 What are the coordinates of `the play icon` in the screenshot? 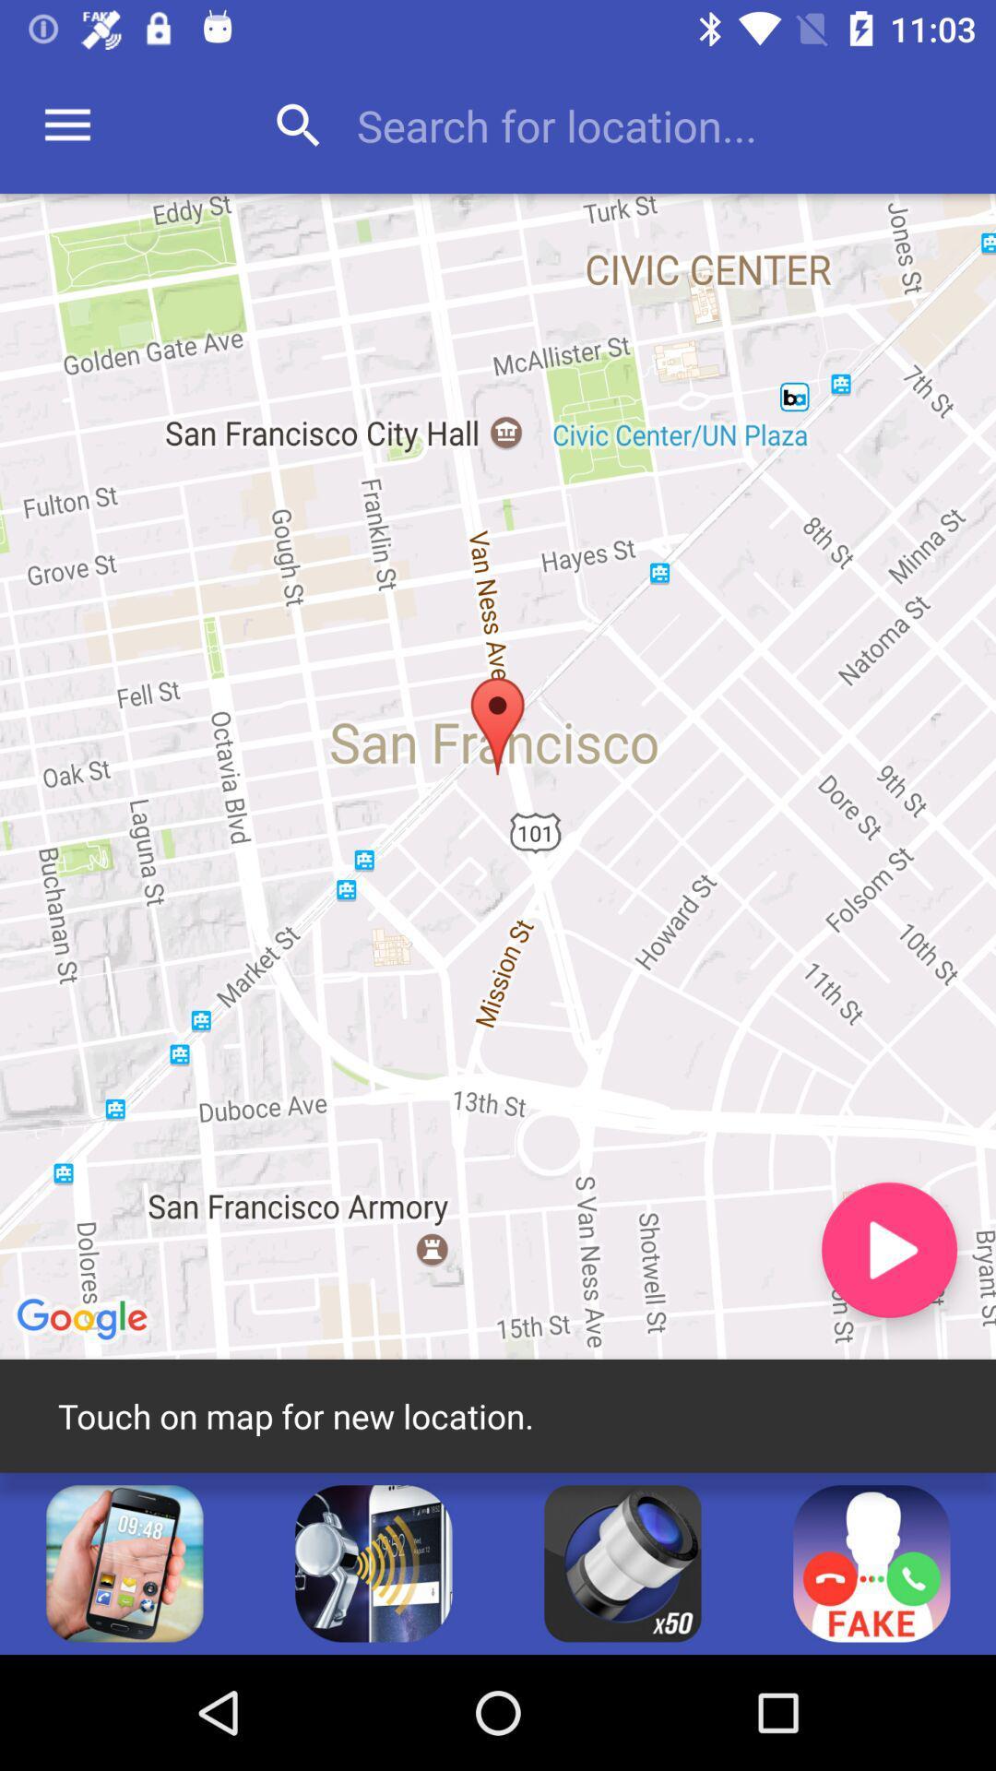 It's located at (888, 1250).